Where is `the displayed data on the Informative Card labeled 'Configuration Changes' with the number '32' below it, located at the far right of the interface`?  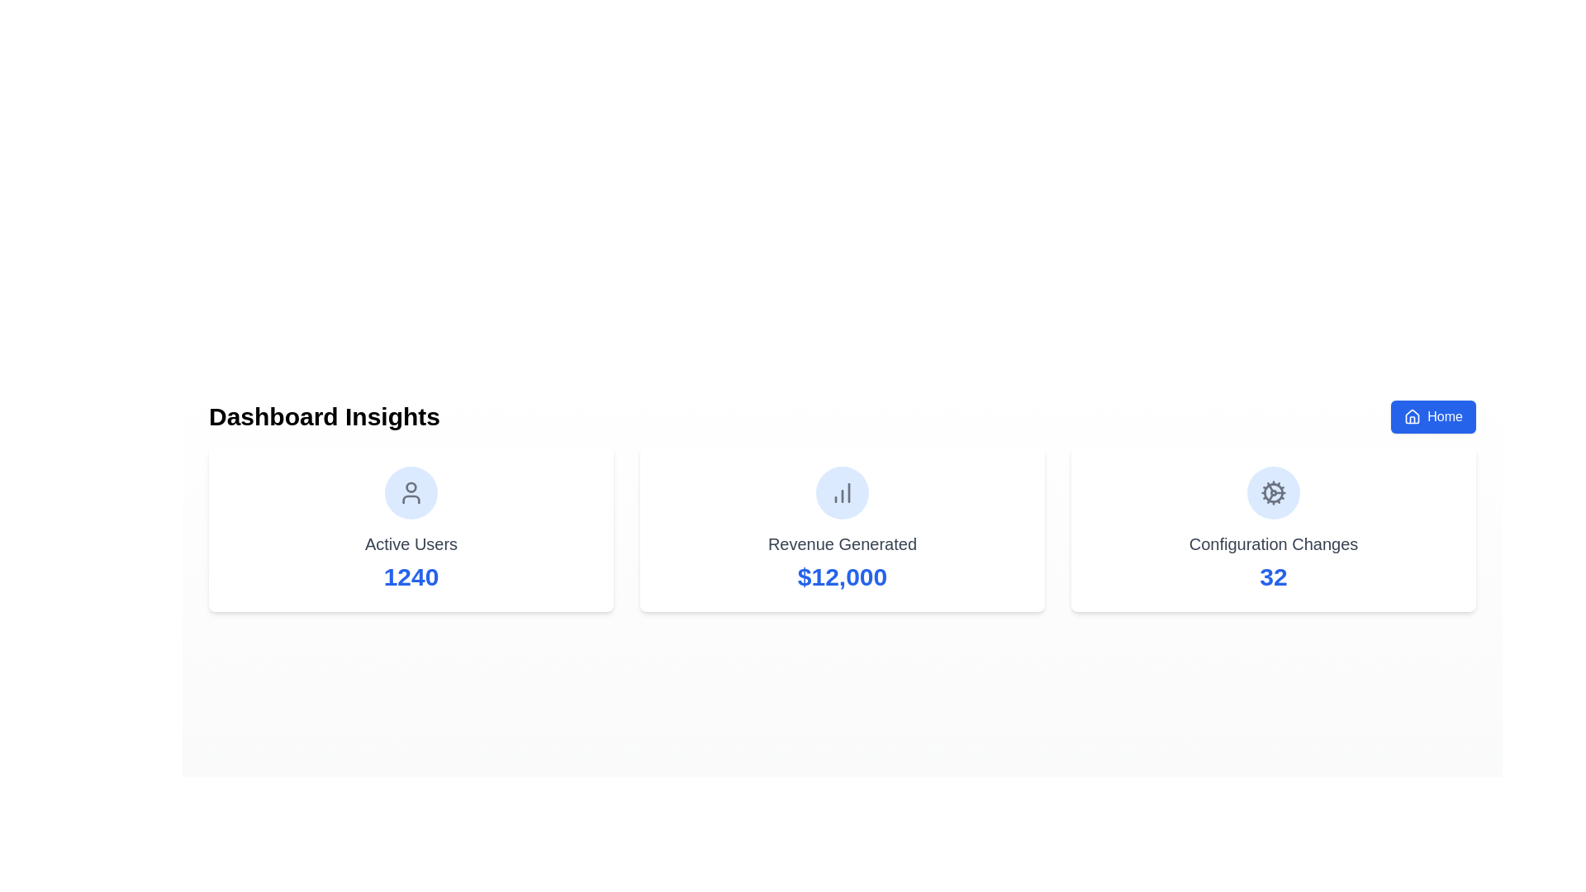
the displayed data on the Informative Card labeled 'Configuration Changes' with the number '32' below it, located at the far right of the interface is located at coordinates (1272, 529).